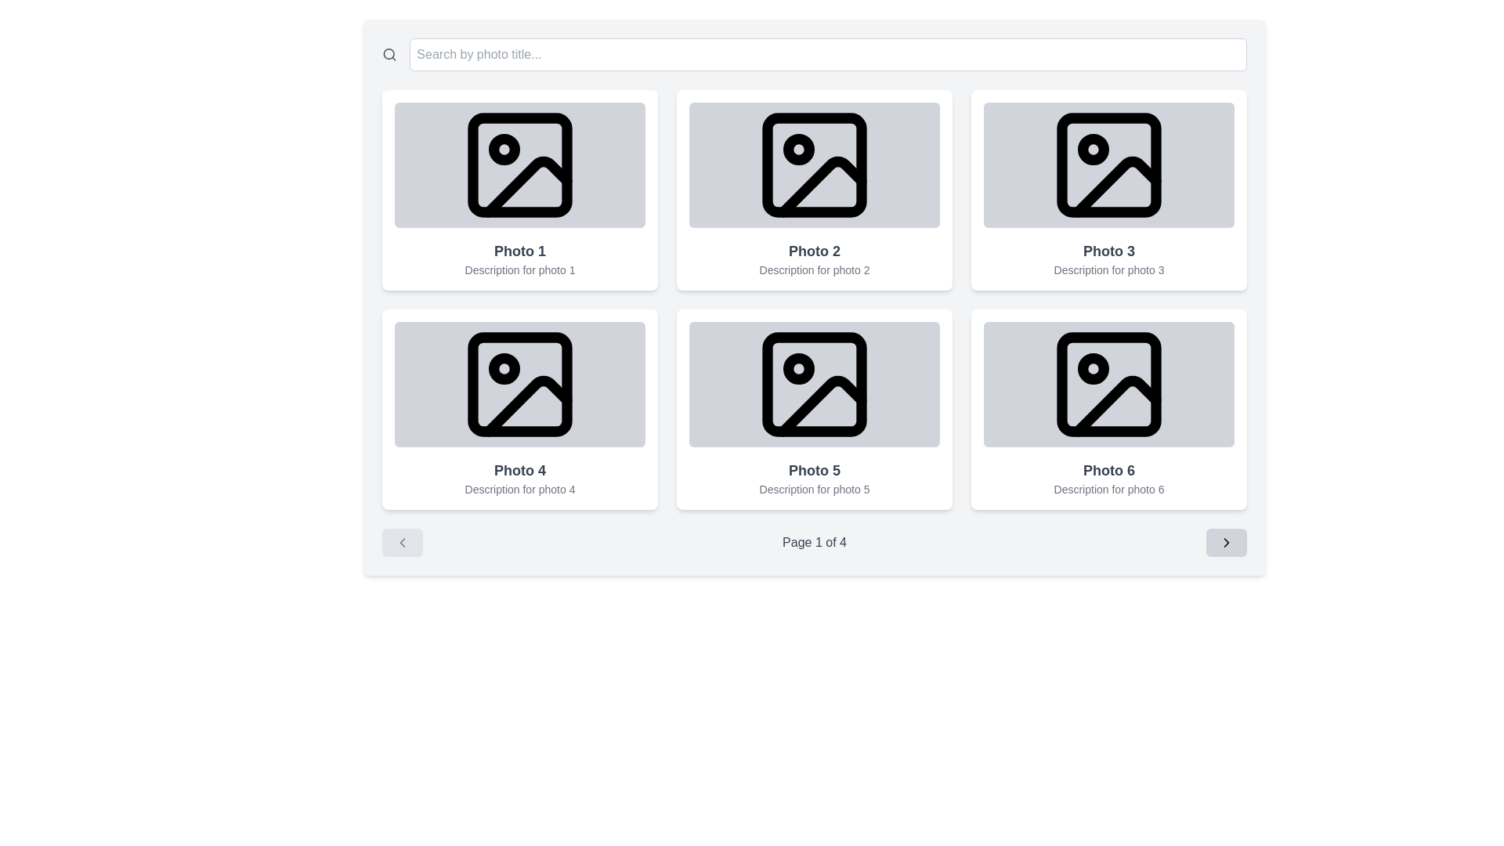 The width and height of the screenshot is (1504, 846). What do you see at coordinates (1108, 190) in the screenshot?
I see `the Content card located in the top-right quadrant of the grid layout, specifically in the third column of the first row, for accessibility purposes` at bounding box center [1108, 190].